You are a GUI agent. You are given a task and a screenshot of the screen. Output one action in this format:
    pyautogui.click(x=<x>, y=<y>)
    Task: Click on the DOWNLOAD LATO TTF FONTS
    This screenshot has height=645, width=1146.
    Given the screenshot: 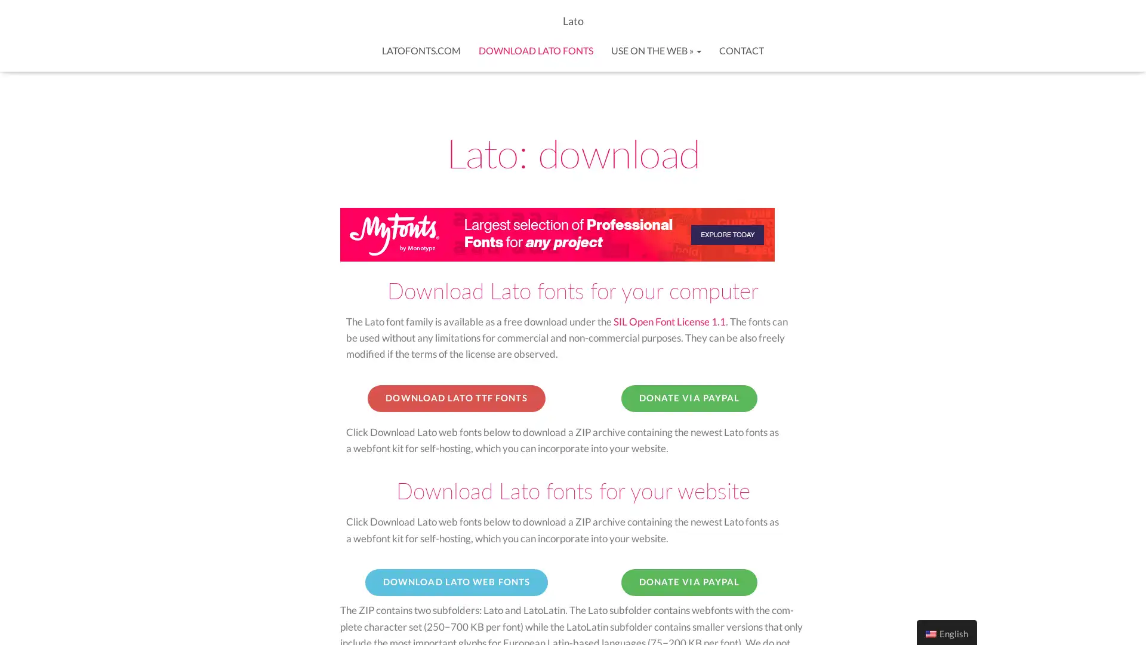 What is the action you would take?
    pyautogui.click(x=455, y=398)
    